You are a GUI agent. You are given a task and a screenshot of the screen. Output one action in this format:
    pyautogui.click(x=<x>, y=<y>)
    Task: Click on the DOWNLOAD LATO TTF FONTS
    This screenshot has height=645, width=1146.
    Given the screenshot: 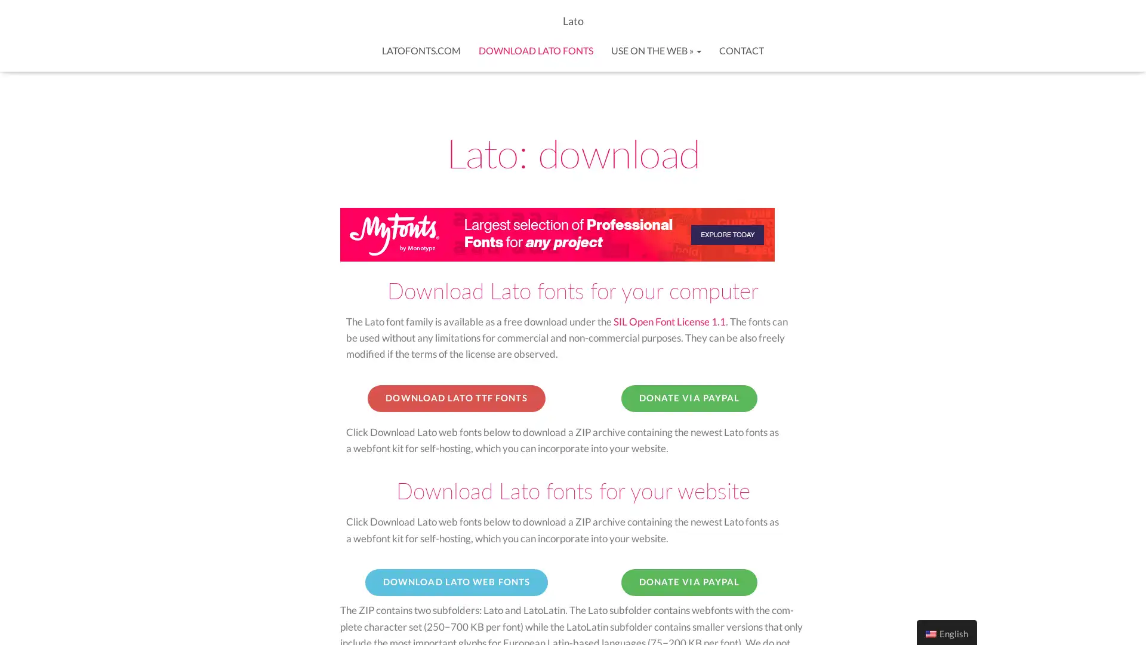 What is the action you would take?
    pyautogui.click(x=455, y=398)
    